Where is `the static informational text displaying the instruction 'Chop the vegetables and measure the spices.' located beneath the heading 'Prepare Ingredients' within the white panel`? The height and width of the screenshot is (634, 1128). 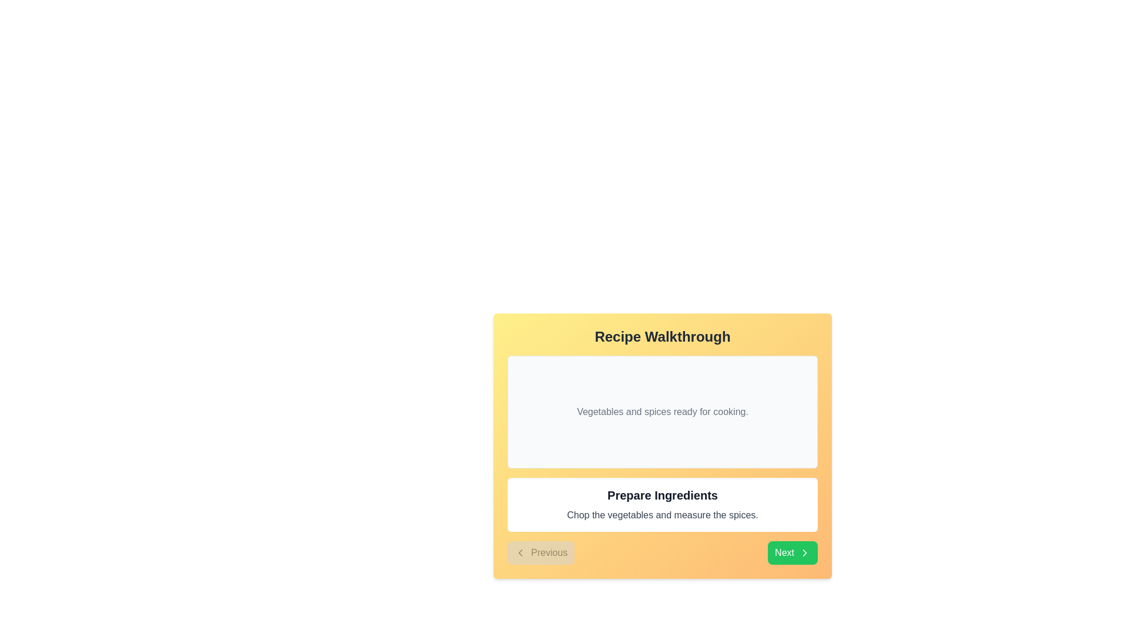
the static informational text displaying the instruction 'Chop the vegetables and measure the spices.' located beneath the heading 'Prepare Ingredients' within the white panel is located at coordinates (663, 515).